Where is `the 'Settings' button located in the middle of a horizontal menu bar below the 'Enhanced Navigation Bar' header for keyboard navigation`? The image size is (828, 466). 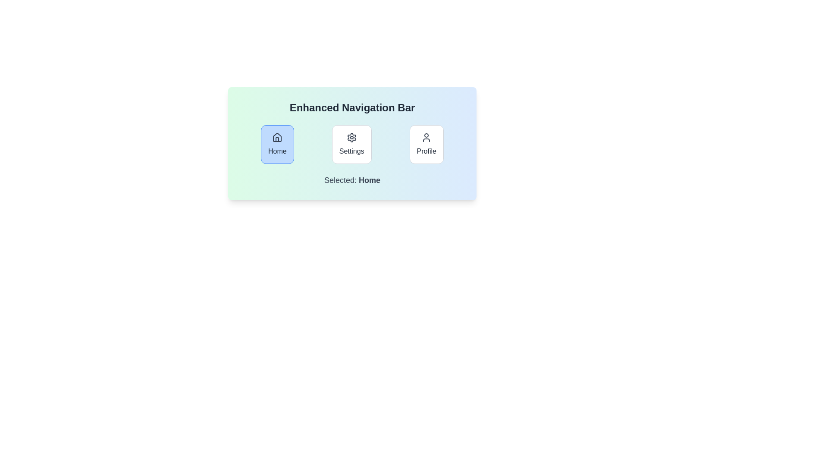
the 'Settings' button located in the middle of a horizontal menu bar below the 'Enhanced Navigation Bar' header for keyboard navigation is located at coordinates (352, 144).